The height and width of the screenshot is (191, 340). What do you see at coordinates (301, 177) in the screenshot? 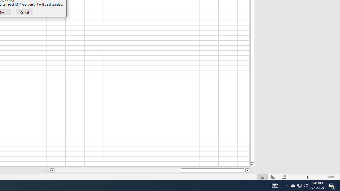
I see `'Zoom Out'` at bounding box center [301, 177].